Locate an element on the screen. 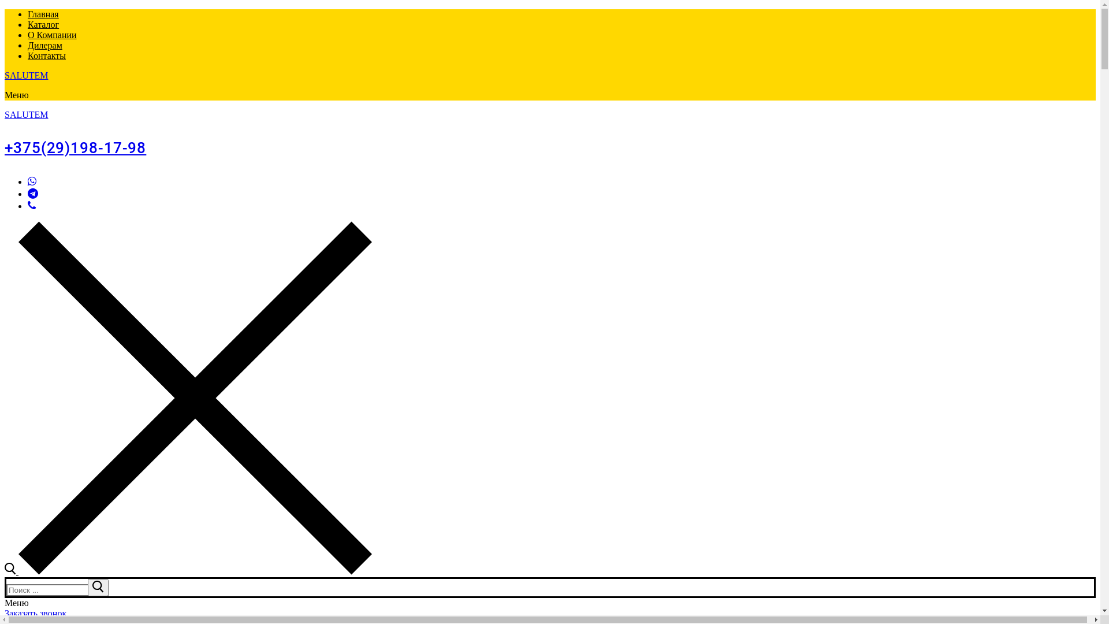 The width and height of the screenshot is (1109, 624). 'SALUTEM' is located at coordinates (5, 75).